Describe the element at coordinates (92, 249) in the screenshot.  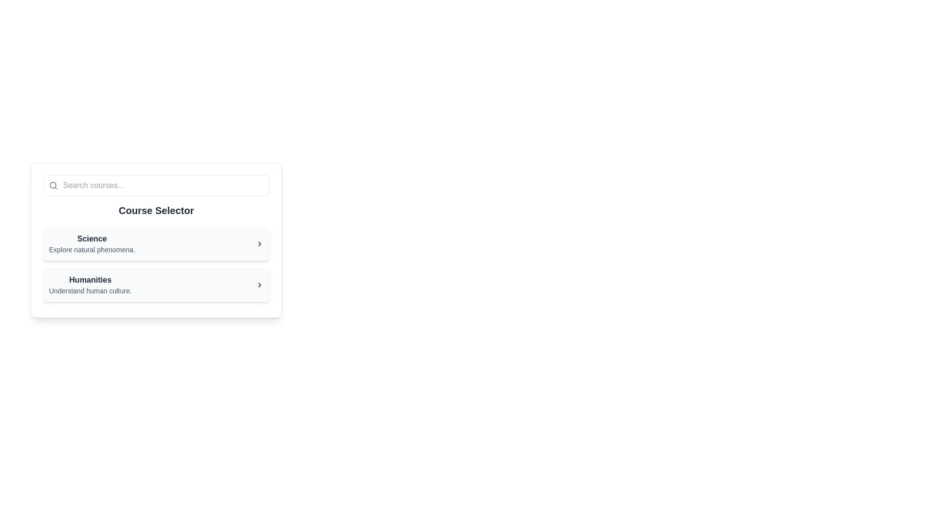
I see `the static text element that reads 'Explore natural phenomena.' located below the bolded title 'Science' in the 'Course Selector' menu` at that location.